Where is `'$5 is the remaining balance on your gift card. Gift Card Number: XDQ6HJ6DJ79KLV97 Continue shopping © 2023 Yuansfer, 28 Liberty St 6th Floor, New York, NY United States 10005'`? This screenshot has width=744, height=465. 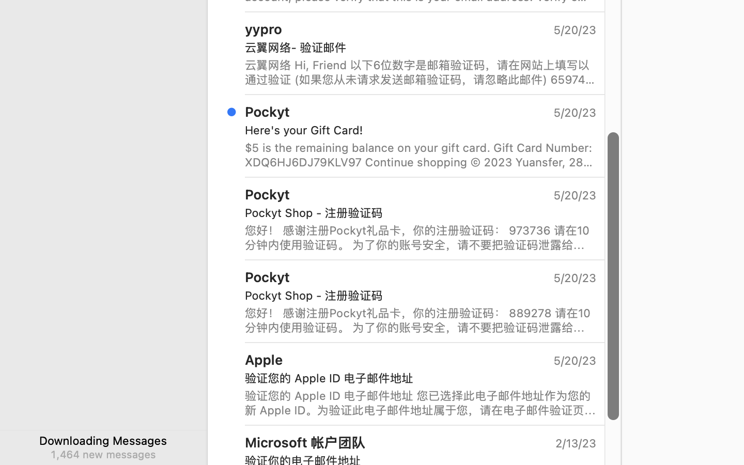 '$5 is the remaining balance on your gift card. Gift Card Number: XDQ6HJ6DJ79KLV97 Continue shopping © 2023 Yuansfer, 28 Liberty St 6th Floor, New York, NY United States 10005' is located at coordinates (421, 154).